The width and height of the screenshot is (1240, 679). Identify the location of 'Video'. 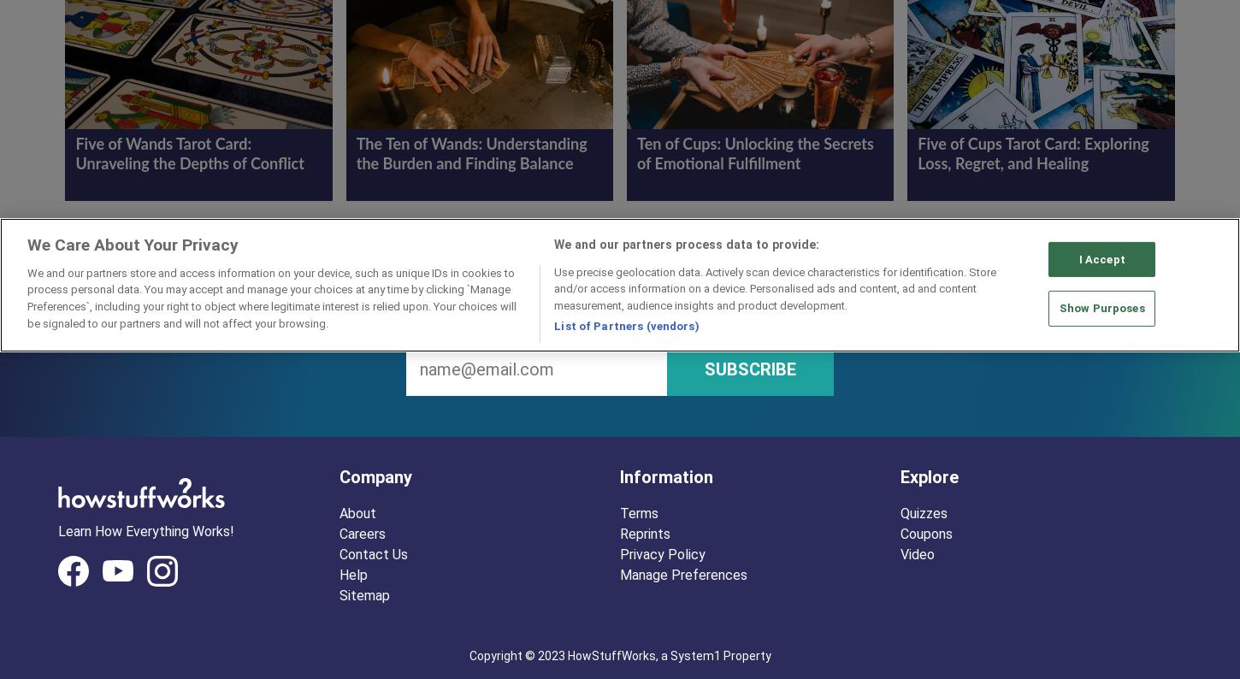
(918, 552).